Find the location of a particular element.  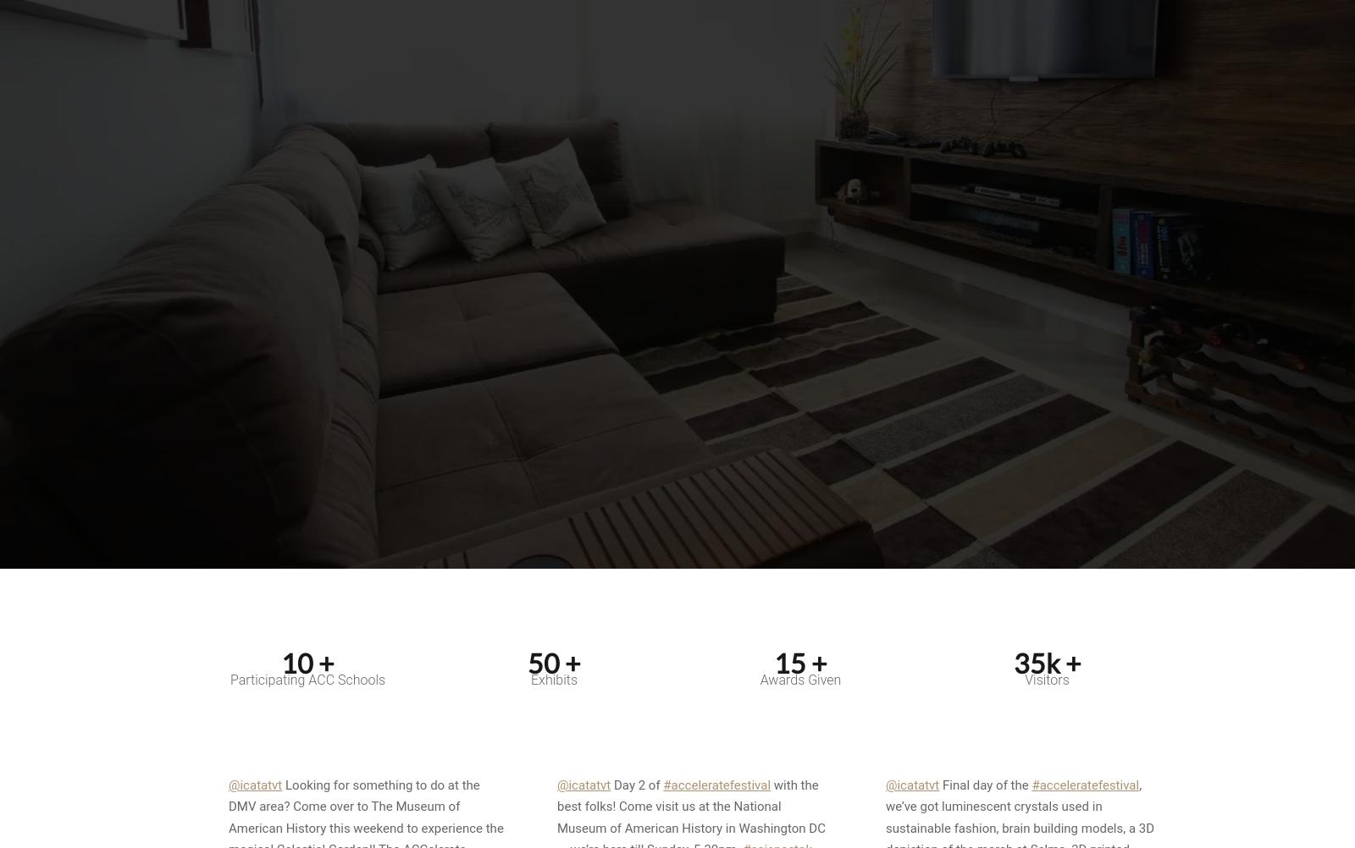

'Day 2 of' is located at coordinates (610, 783).